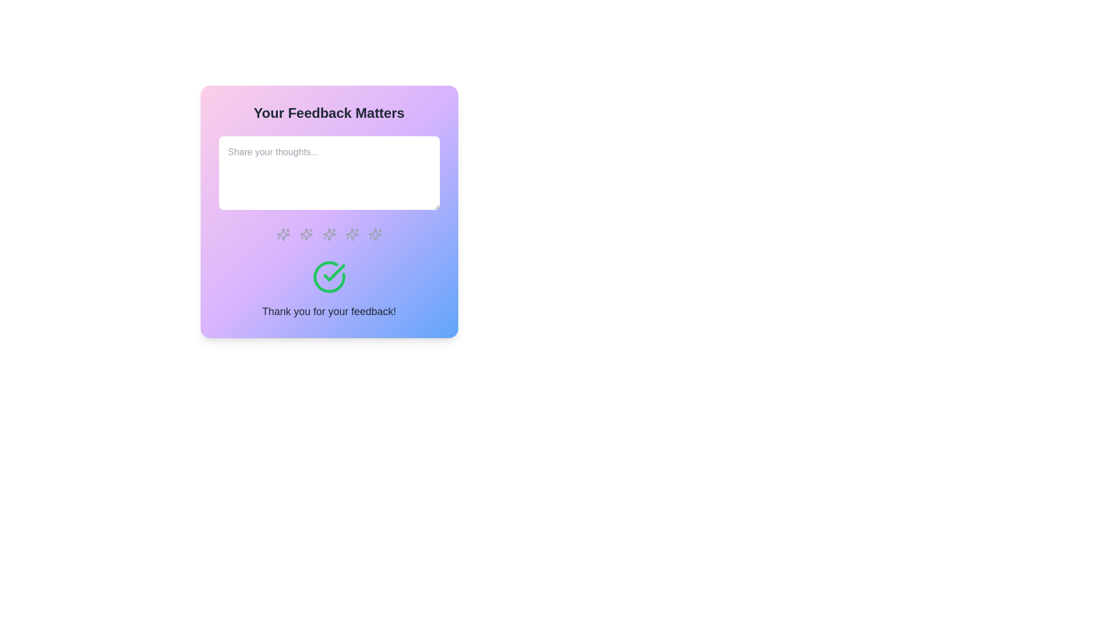  What do you see at coordinates (328, 234) in the screenshot?
I see `the middle SVG graphic element, which is part of a rating mechanism, to interact with it` at bounding box center [328, 234].